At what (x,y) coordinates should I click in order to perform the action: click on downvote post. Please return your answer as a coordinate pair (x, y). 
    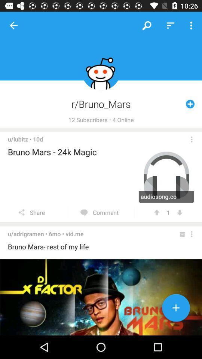
    Looking at the image, I should click on (179, 212).